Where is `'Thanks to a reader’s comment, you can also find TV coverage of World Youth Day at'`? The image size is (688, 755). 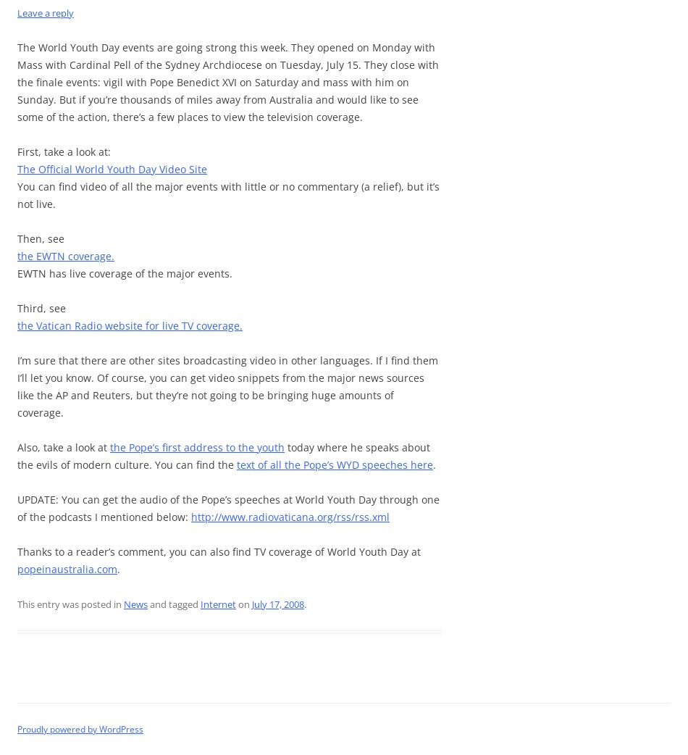 'Thanks to a reader’s comment, you can also find TV coverage of World Youth Day at' is located at coordinates (218, 551).